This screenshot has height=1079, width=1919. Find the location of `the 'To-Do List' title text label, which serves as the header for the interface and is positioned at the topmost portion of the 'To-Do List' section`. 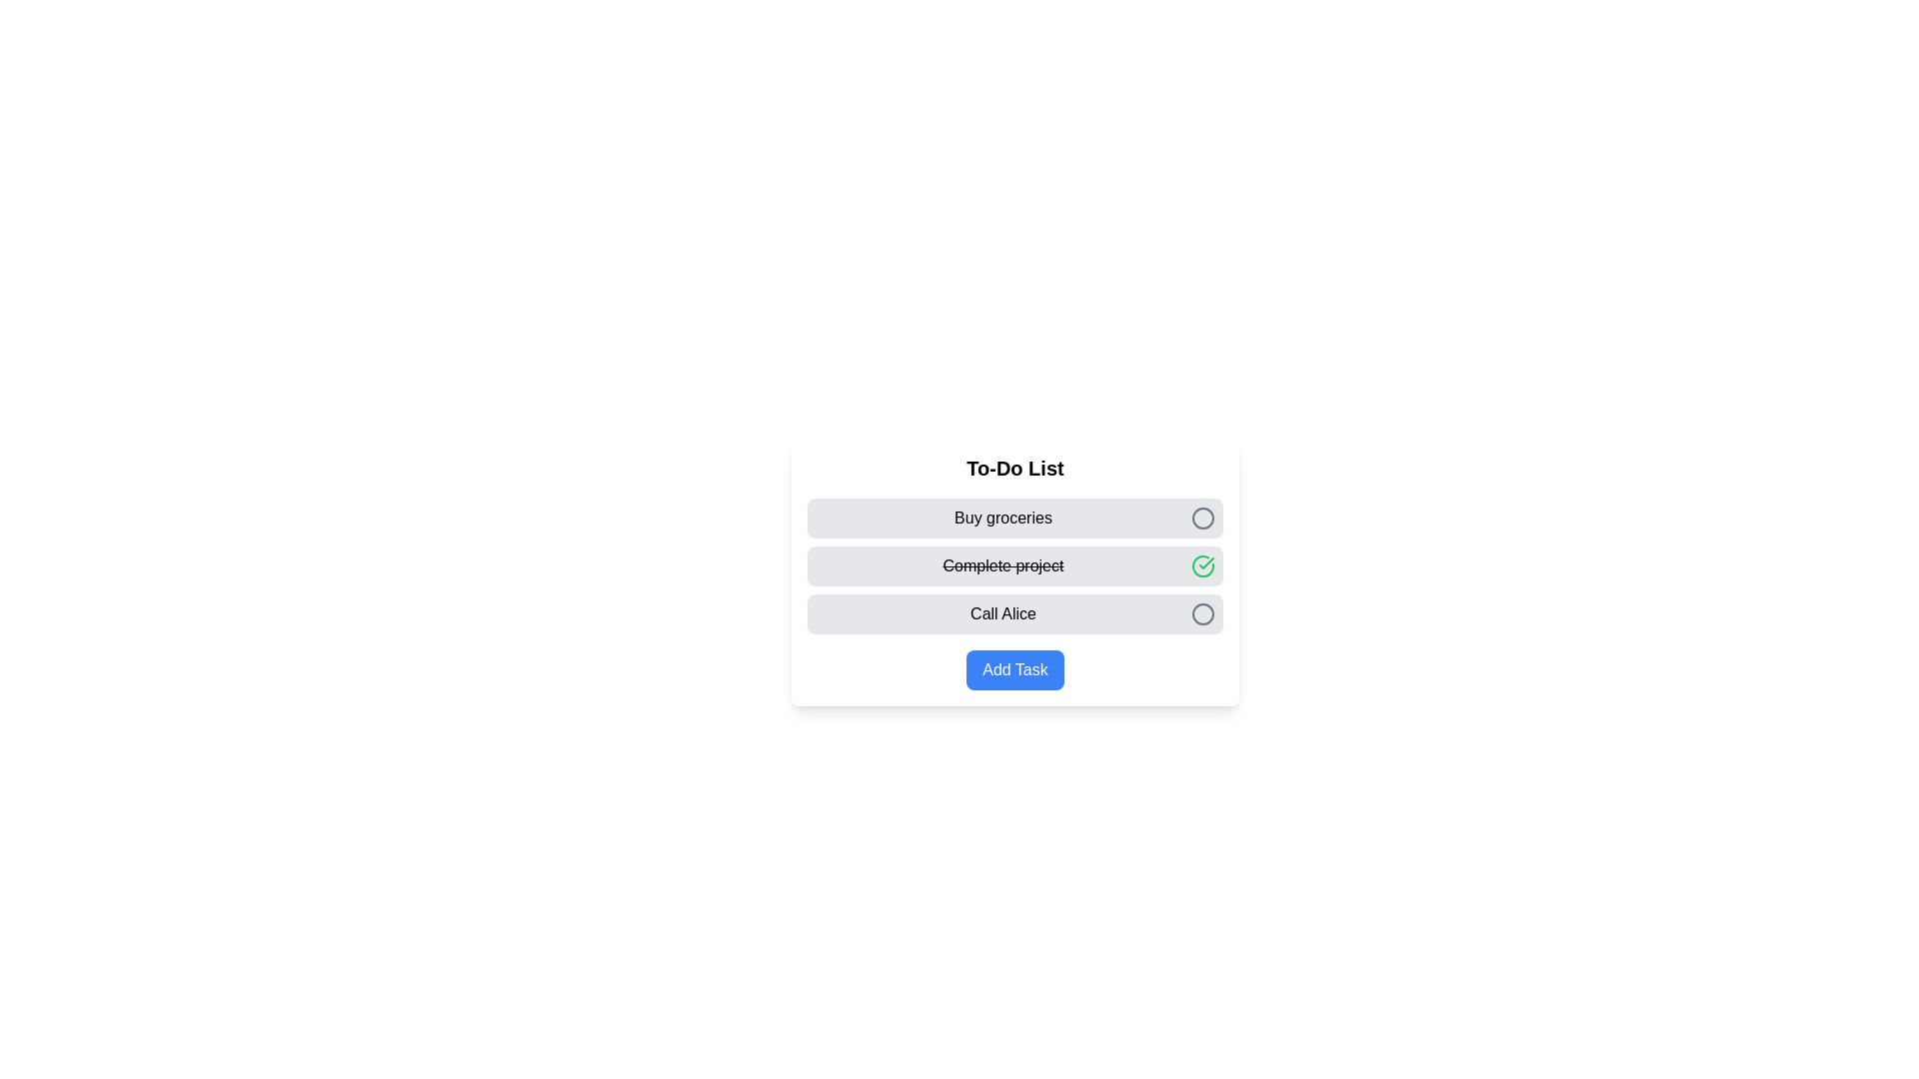

the 'To-Do List' title text label, which serves as the header for the interface and is positioned at the topmost portion of the 'To-Do List' section is located at coordinates (1015, 469).